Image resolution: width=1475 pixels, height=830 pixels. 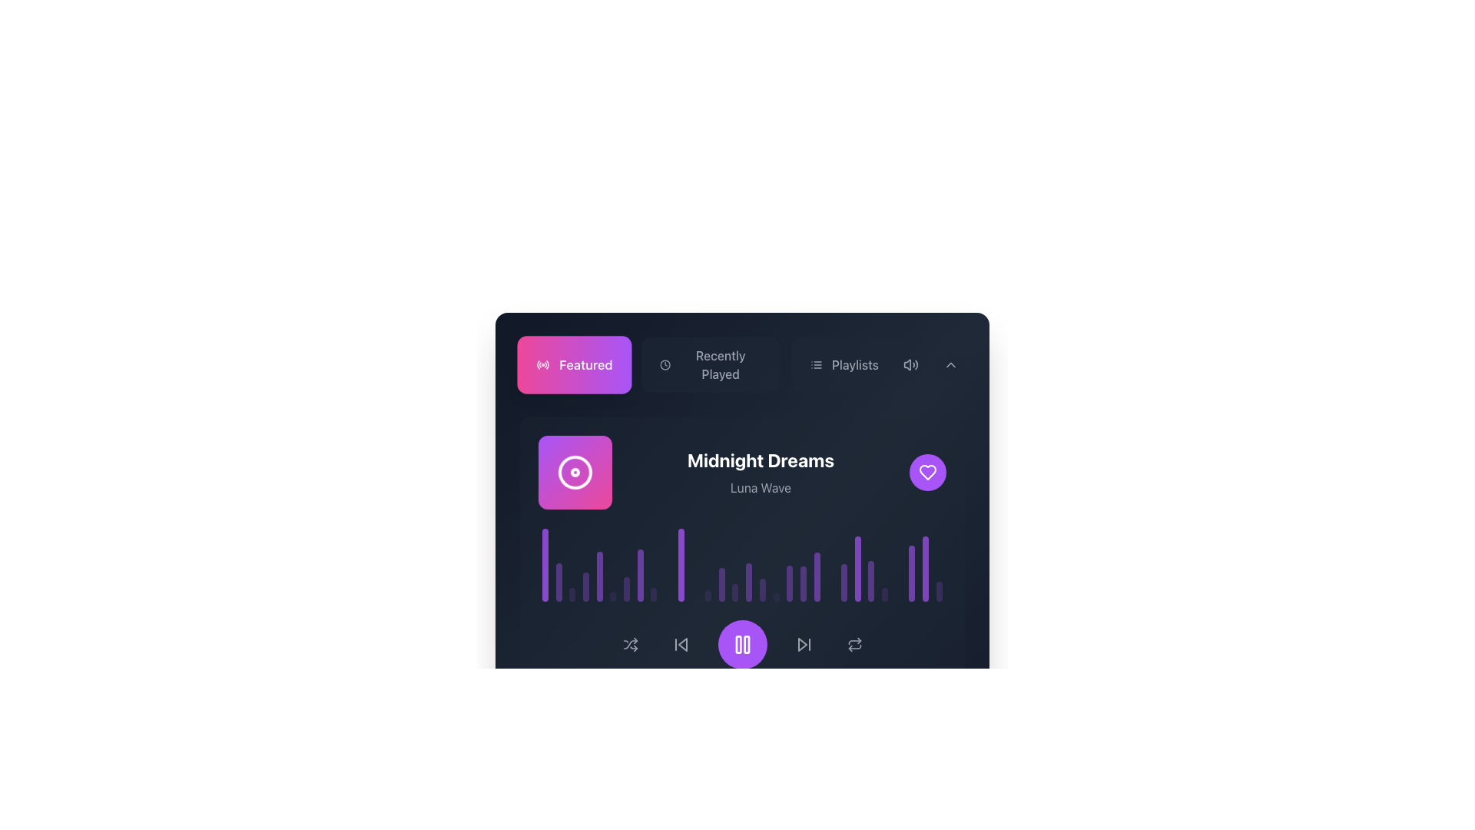 What do you see at coordinates (761, 459) in the screenshot?
I see `the prominent text label 'Midnight Dreams' which is styled in bold white font` at bounding box center [761, 459].